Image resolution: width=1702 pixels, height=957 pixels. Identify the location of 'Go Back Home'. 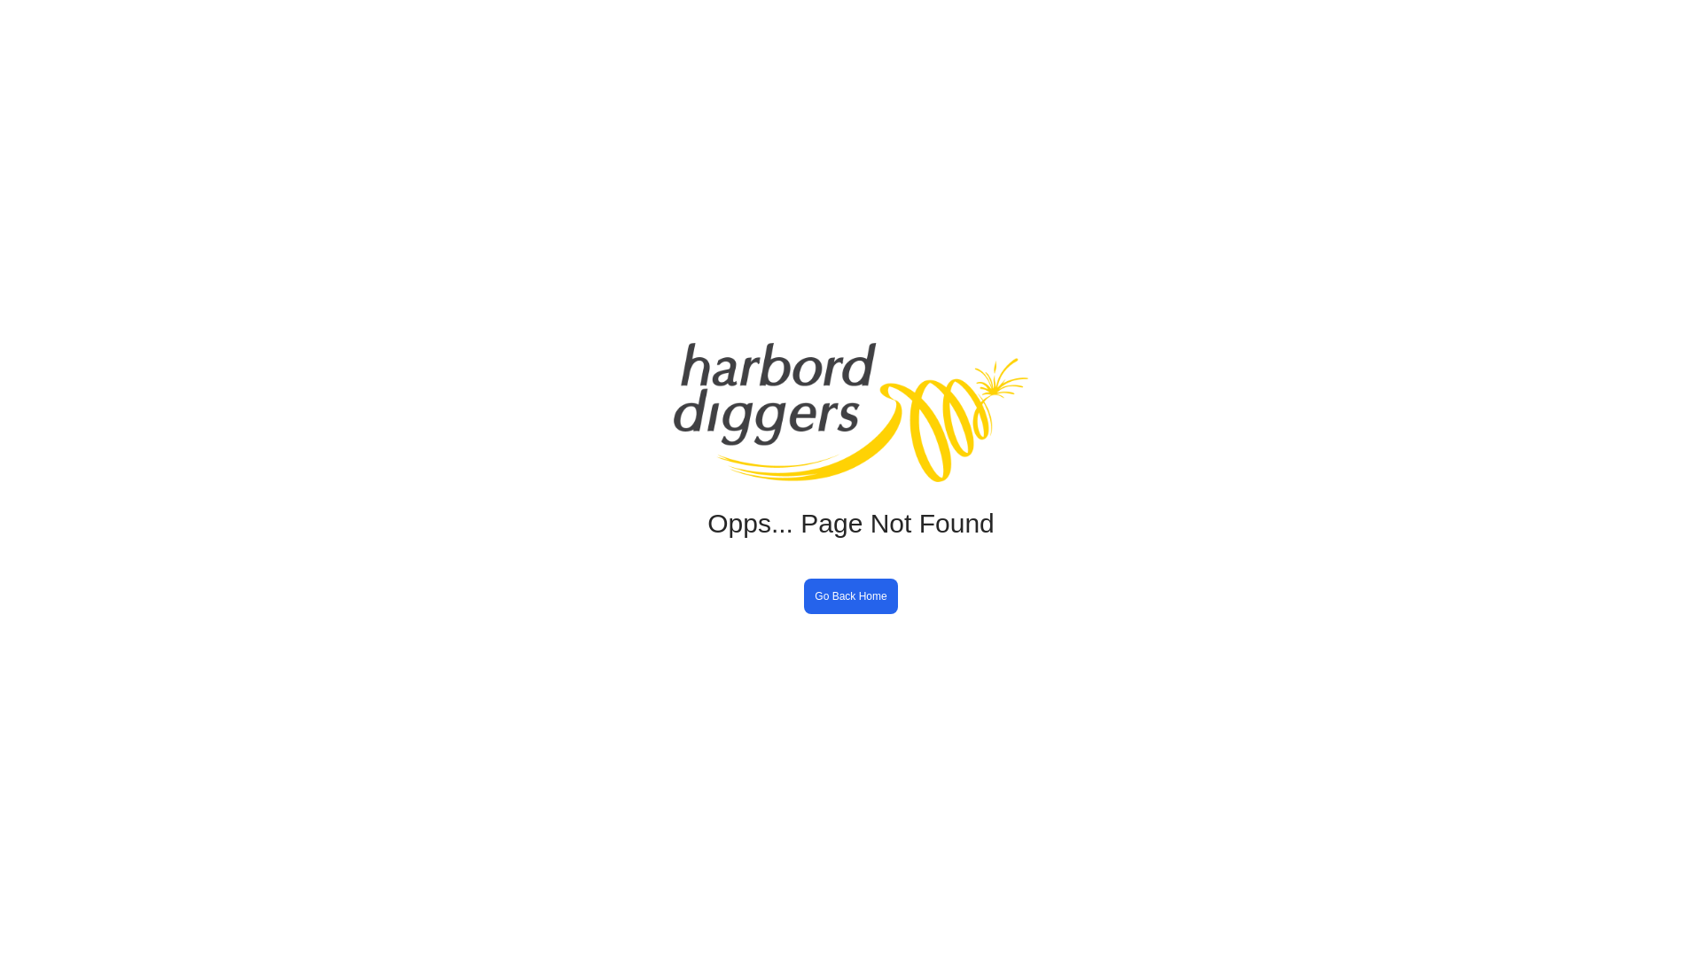
(849, 595).